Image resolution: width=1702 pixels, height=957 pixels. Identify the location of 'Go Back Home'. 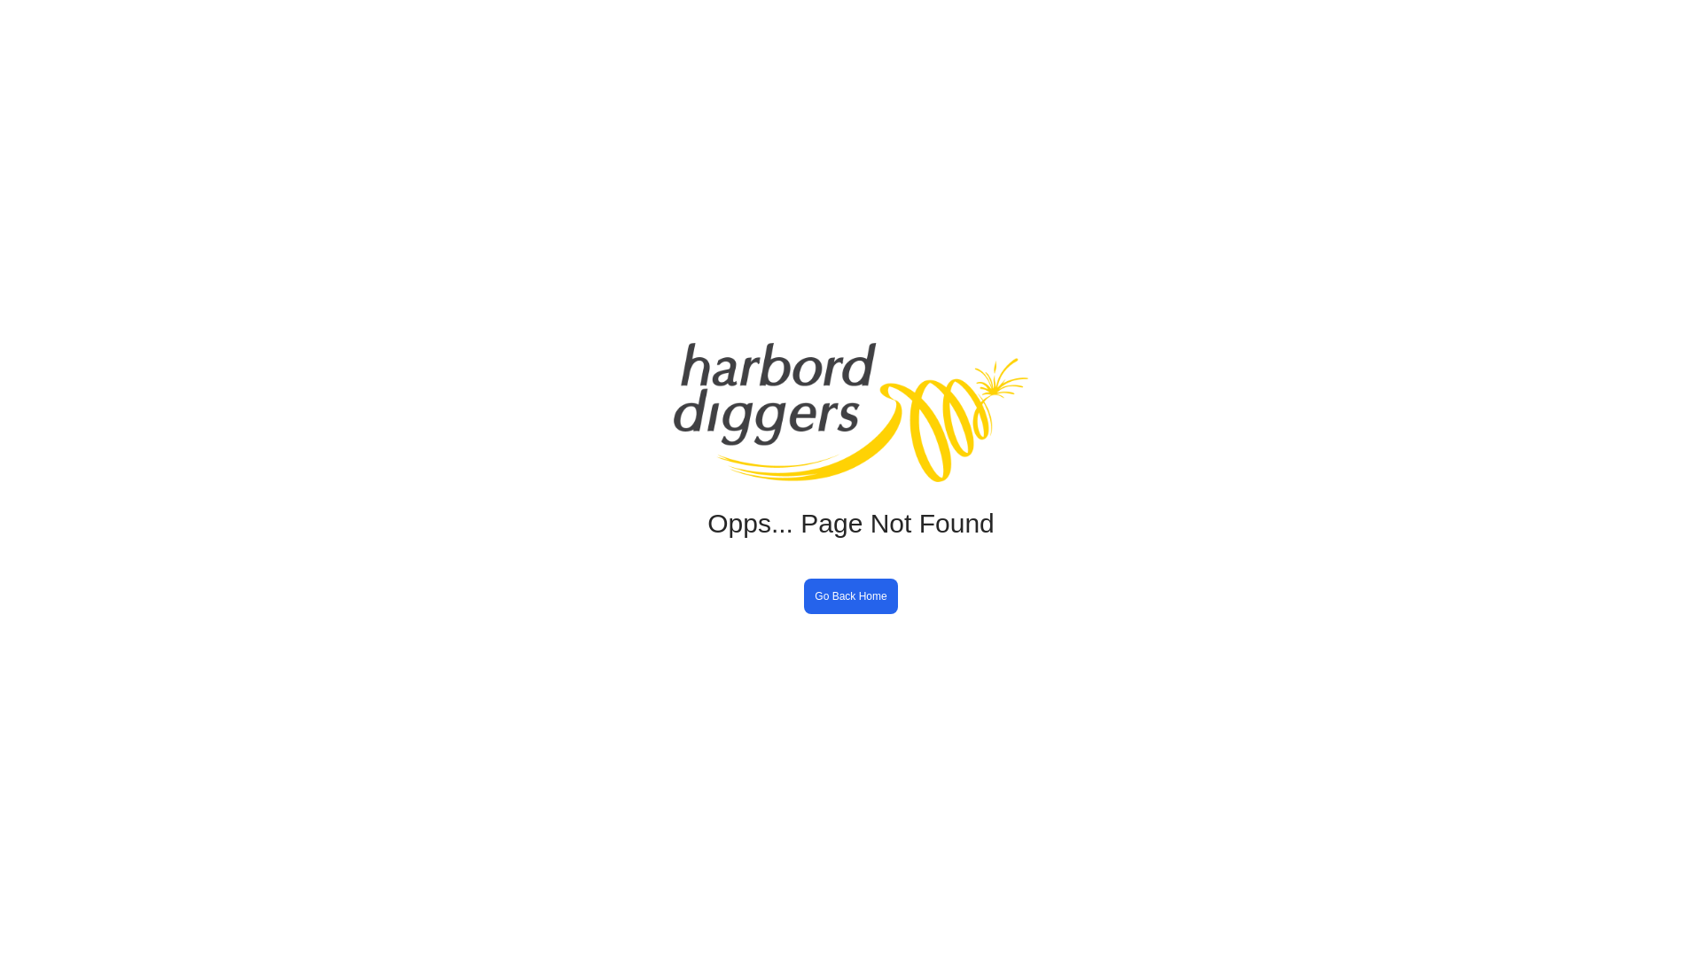
(849, 595).